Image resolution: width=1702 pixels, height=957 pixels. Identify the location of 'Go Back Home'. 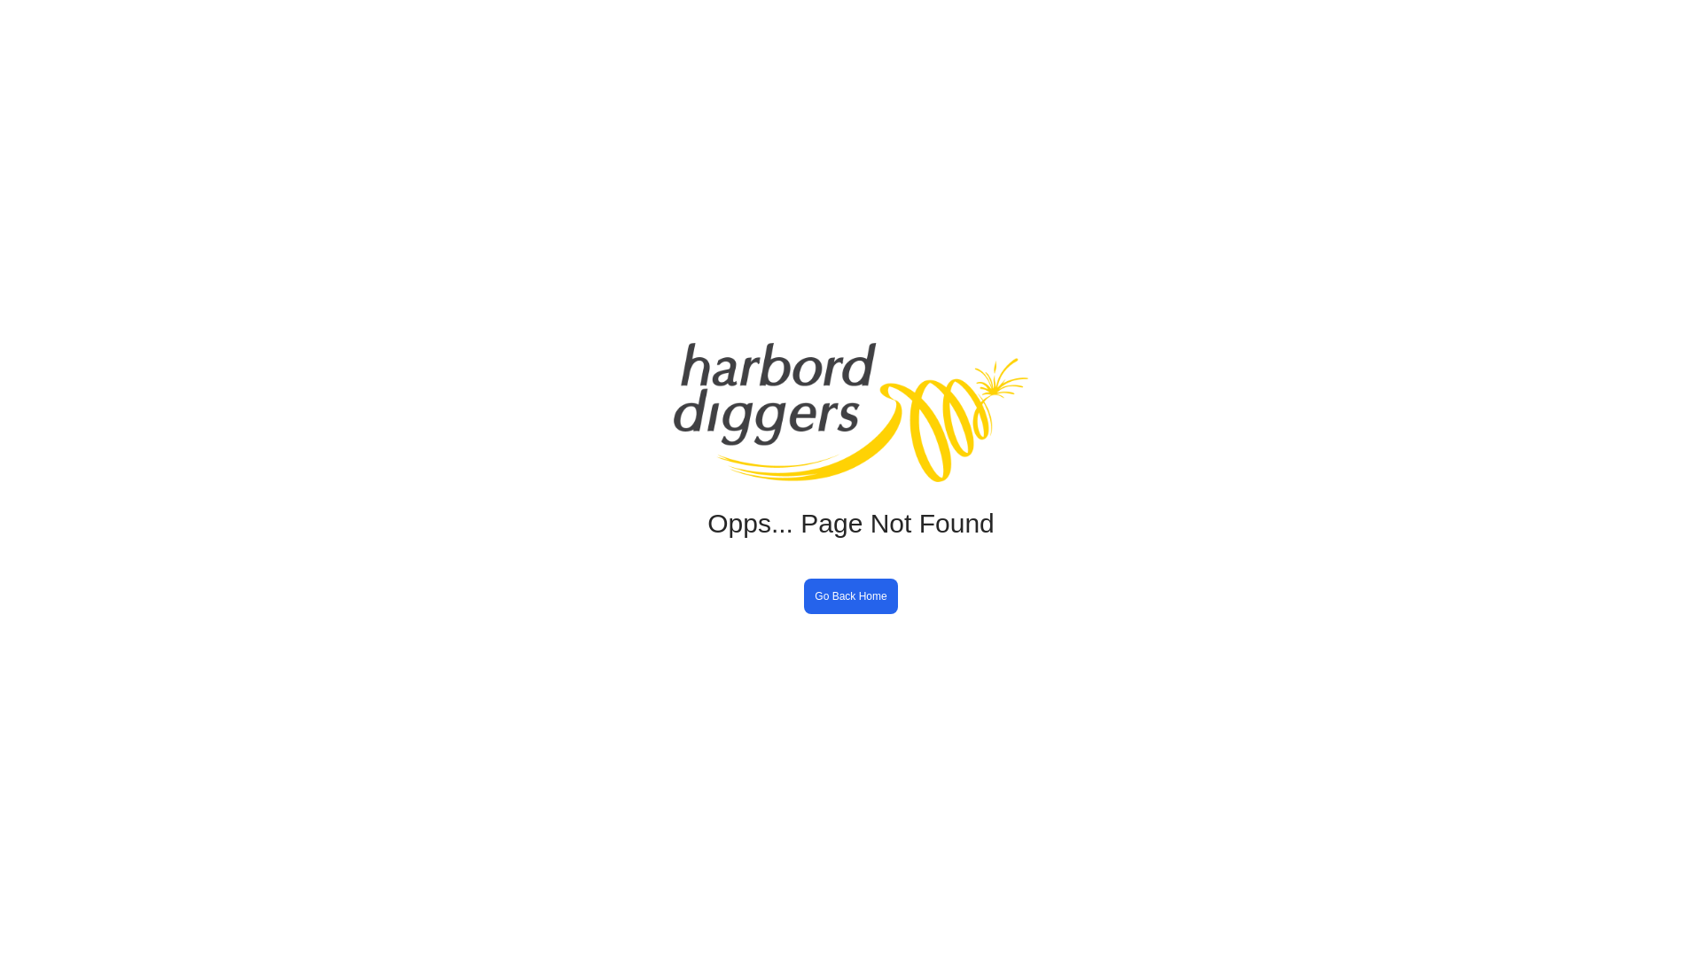
(849, 595).